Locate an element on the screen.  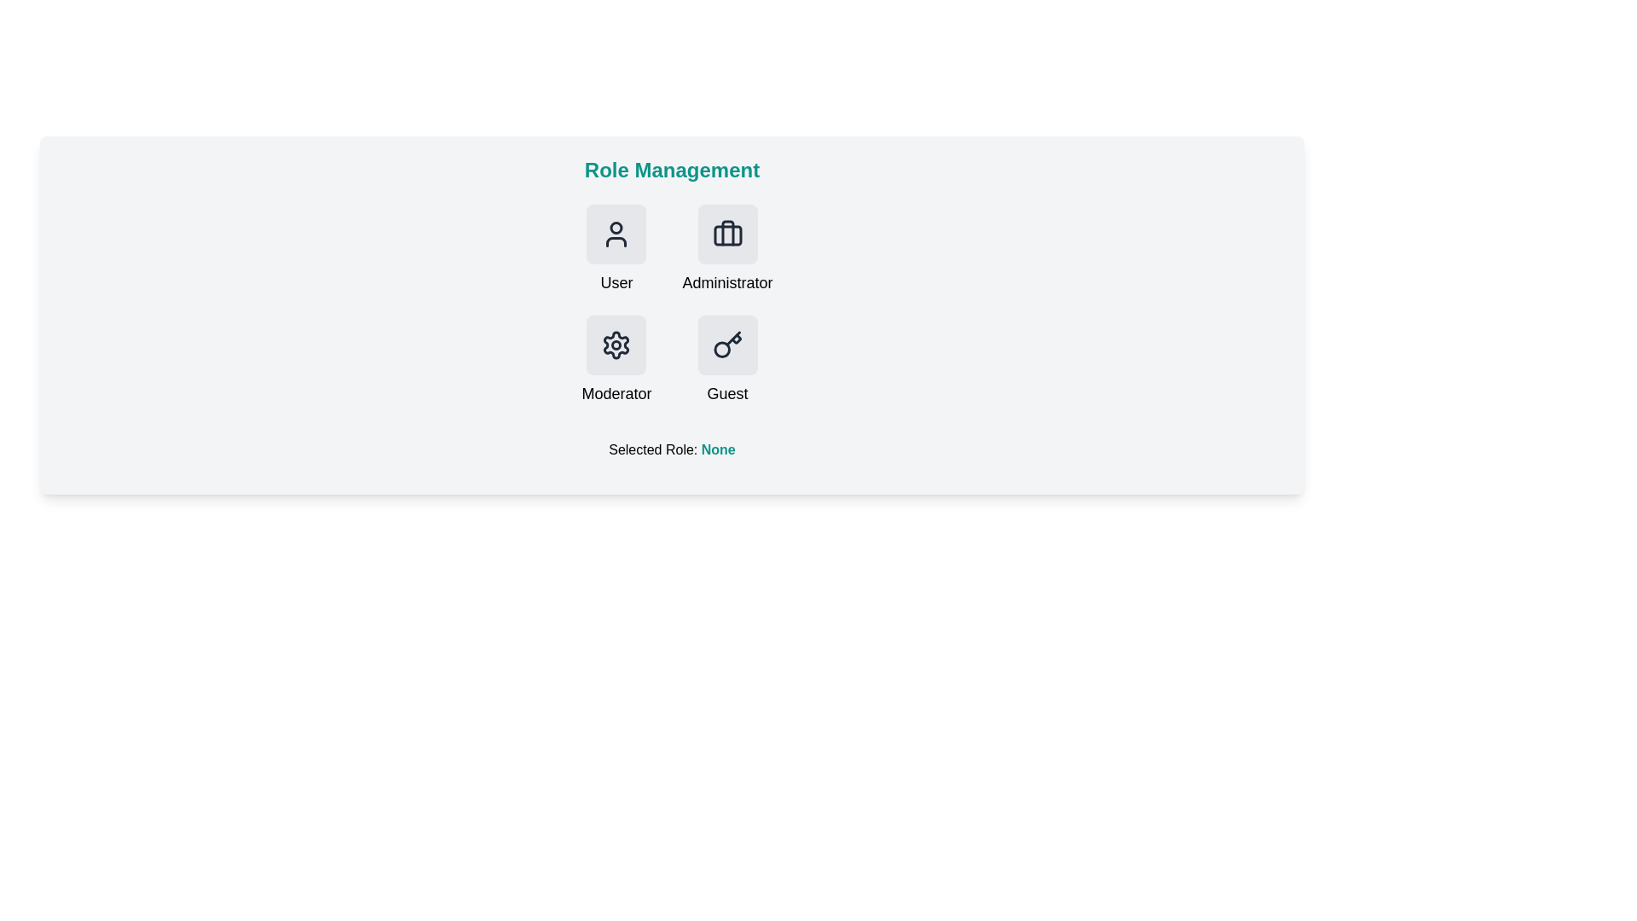
keyboard navigation is located at coordinates (727, 345).